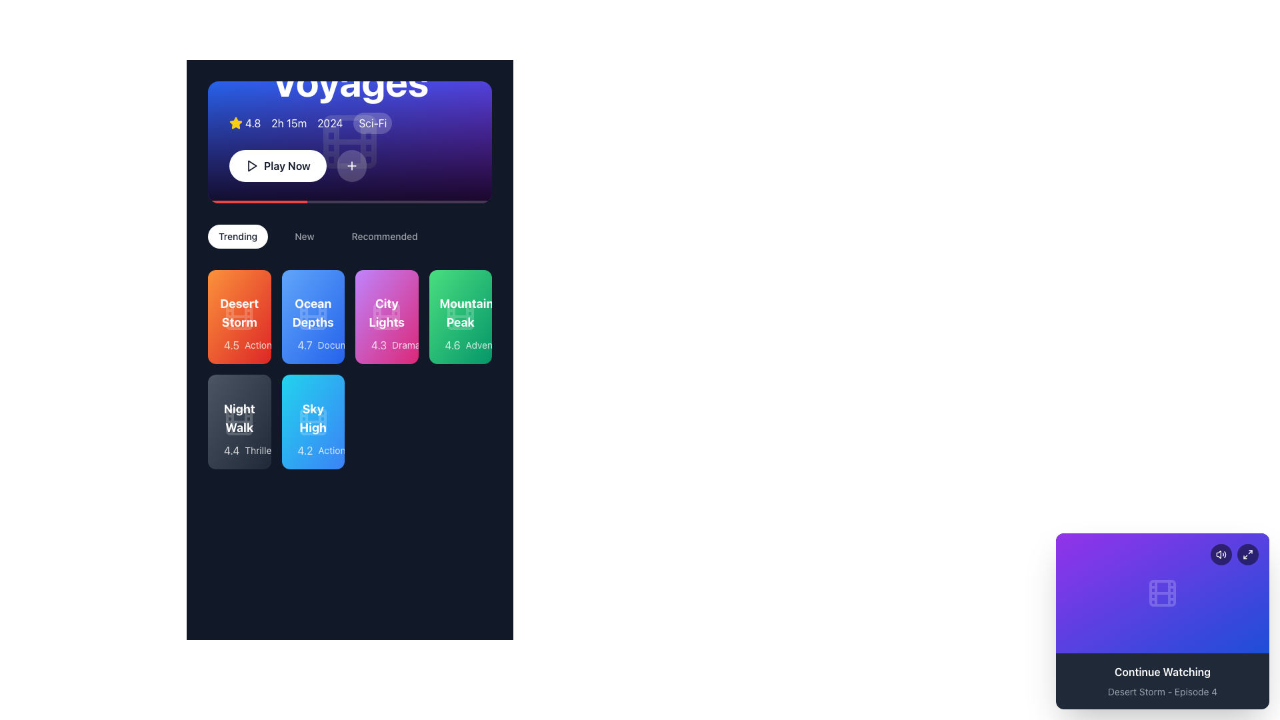 Image resolution: width=1280 pixels, height=720 pixels. What do you see at coordinates (239, 422) in the screenshot?
I see `the 'Night Walk' card, which is the first item in the second row of the grid layout` at bounding box center [239, 422].